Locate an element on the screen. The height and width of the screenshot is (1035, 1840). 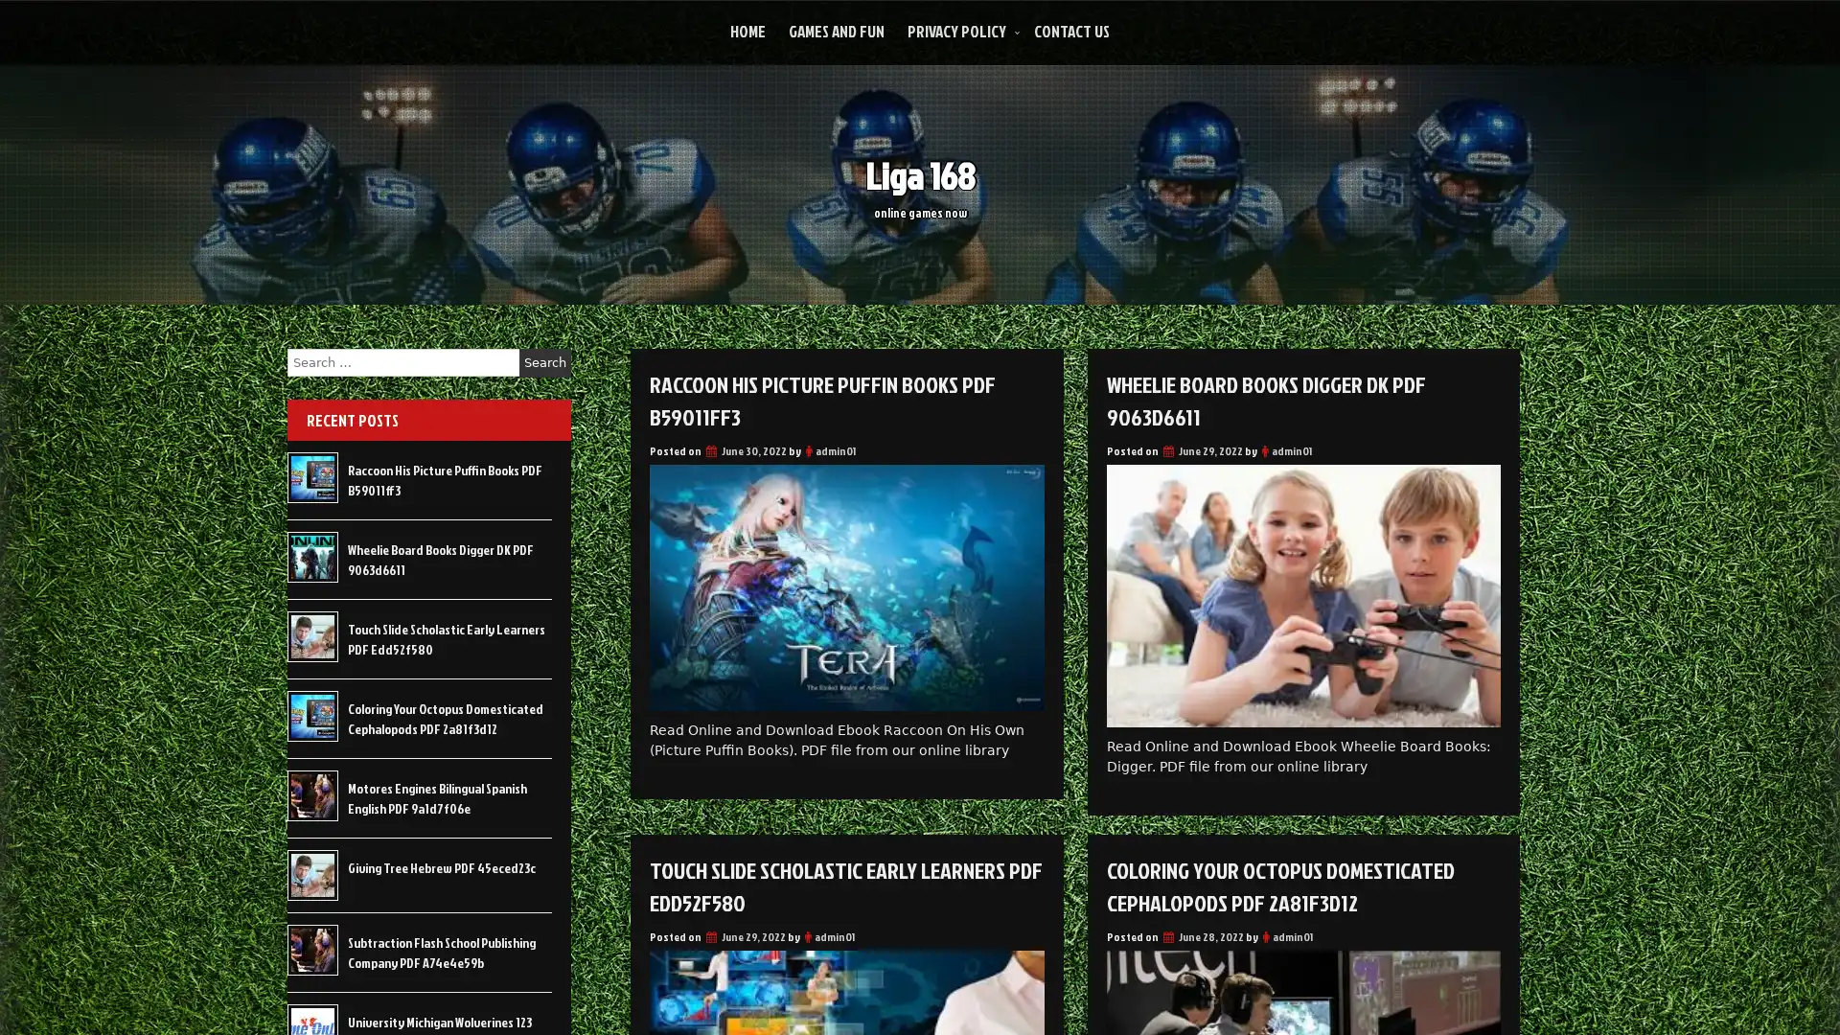
Search is located at coordinates (544, 362).